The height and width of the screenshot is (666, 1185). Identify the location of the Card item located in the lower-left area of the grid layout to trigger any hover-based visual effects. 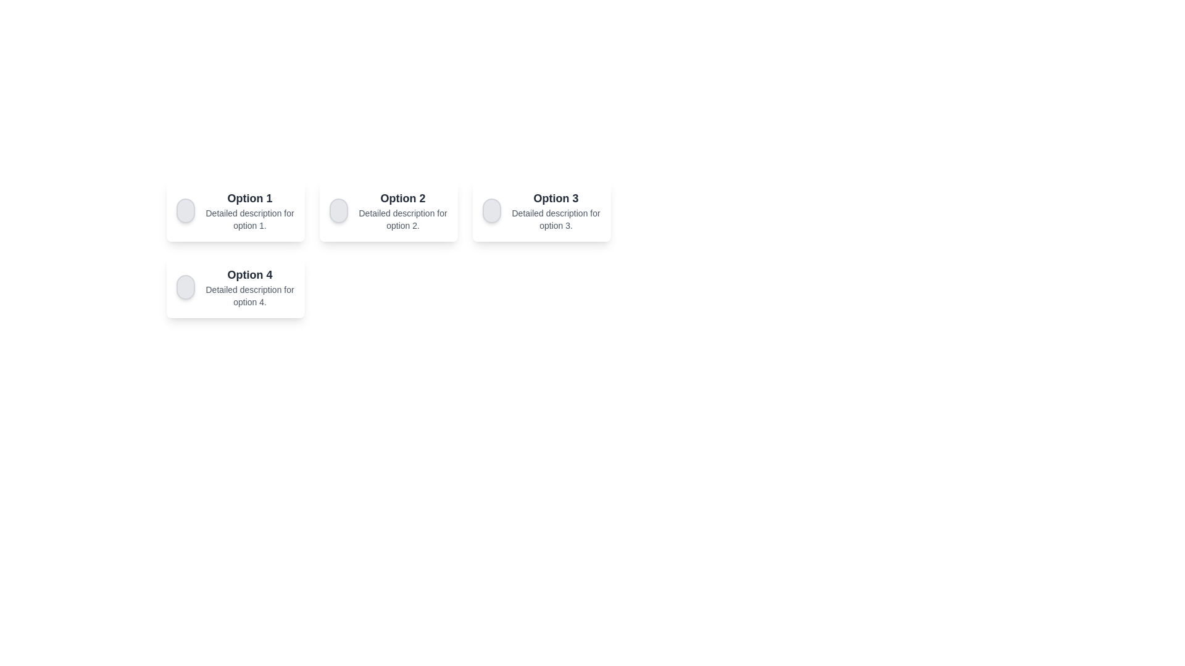
(236, 287).